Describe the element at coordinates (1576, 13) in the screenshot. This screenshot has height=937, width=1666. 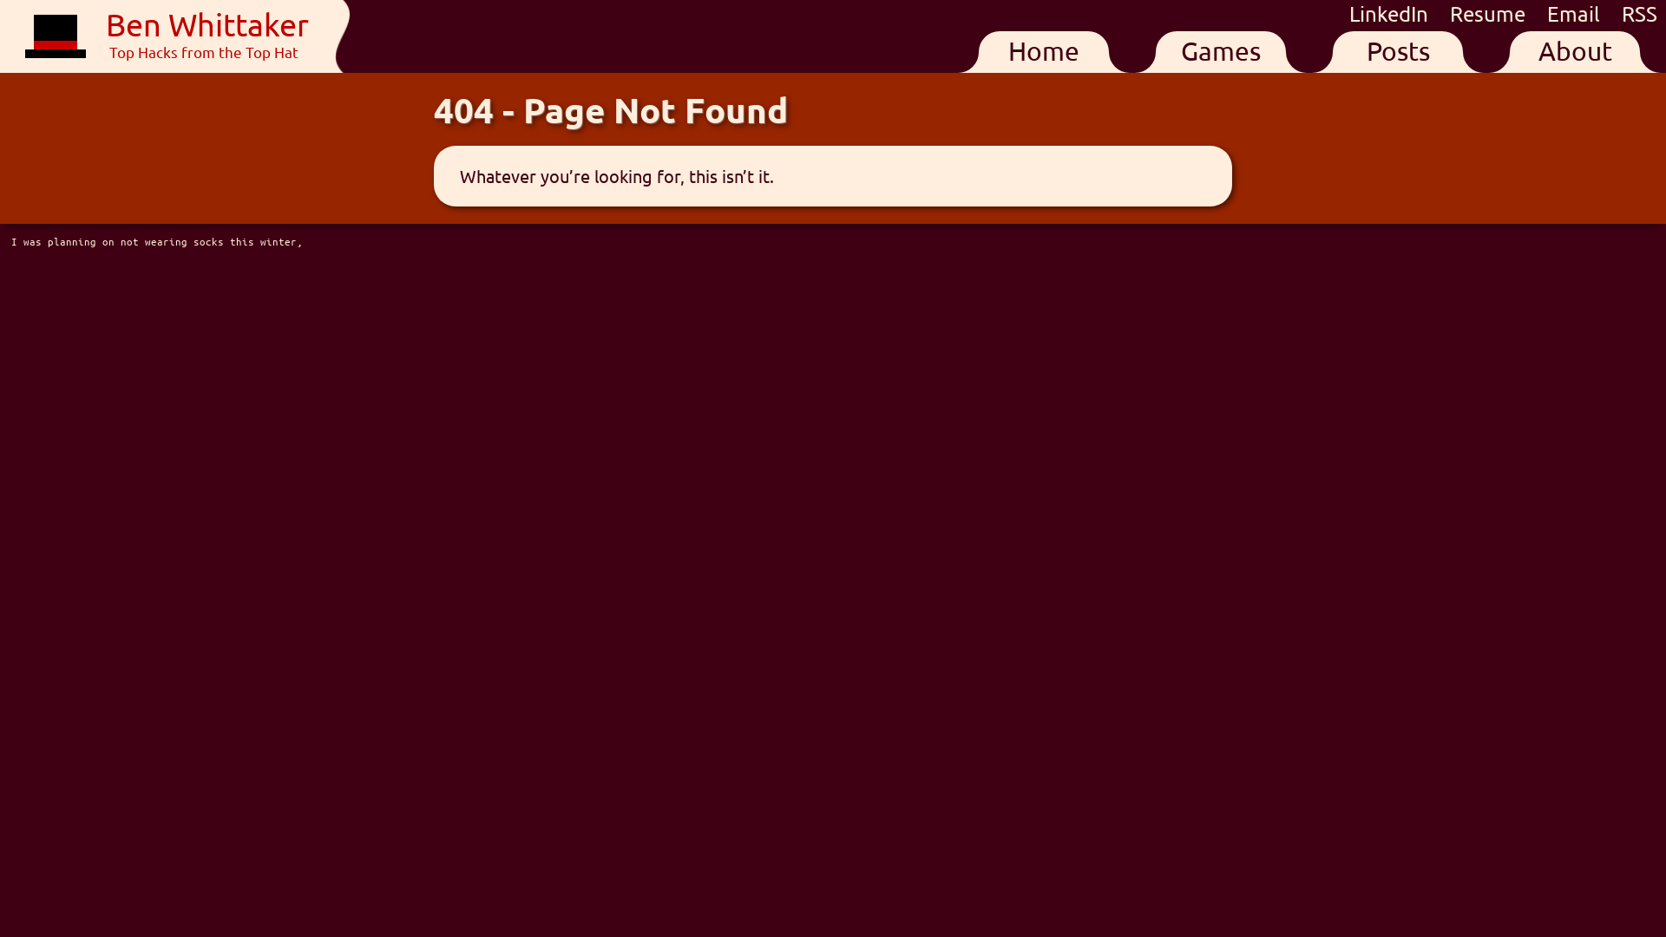
I see `'Email'` at that location.